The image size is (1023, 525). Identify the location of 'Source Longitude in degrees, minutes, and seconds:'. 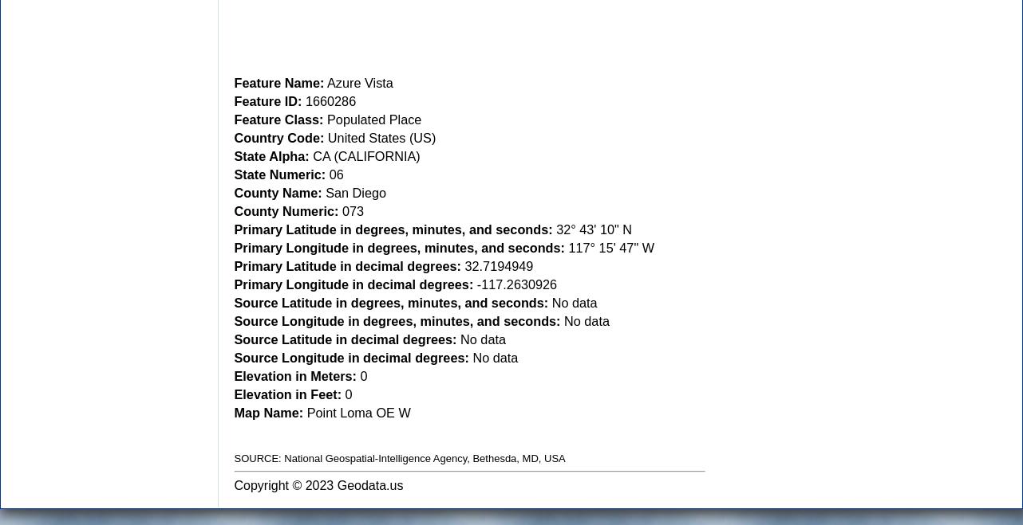
(397, 319).